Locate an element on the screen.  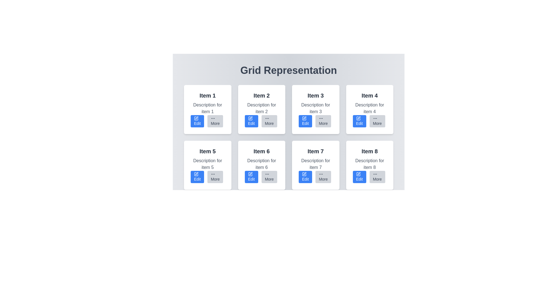
the horizontal ellipsis icon located at the bottom-right corner of the 'More' button in the grid layout for Item 2 is located at coordinates (267, 118).